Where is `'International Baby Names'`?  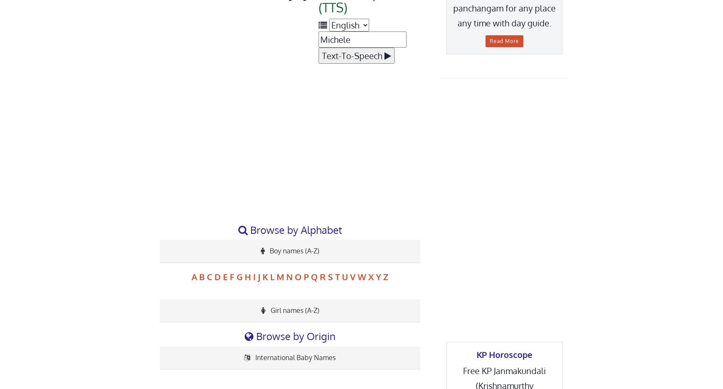
'International Baby Names' is located at coordinates (294, 357).